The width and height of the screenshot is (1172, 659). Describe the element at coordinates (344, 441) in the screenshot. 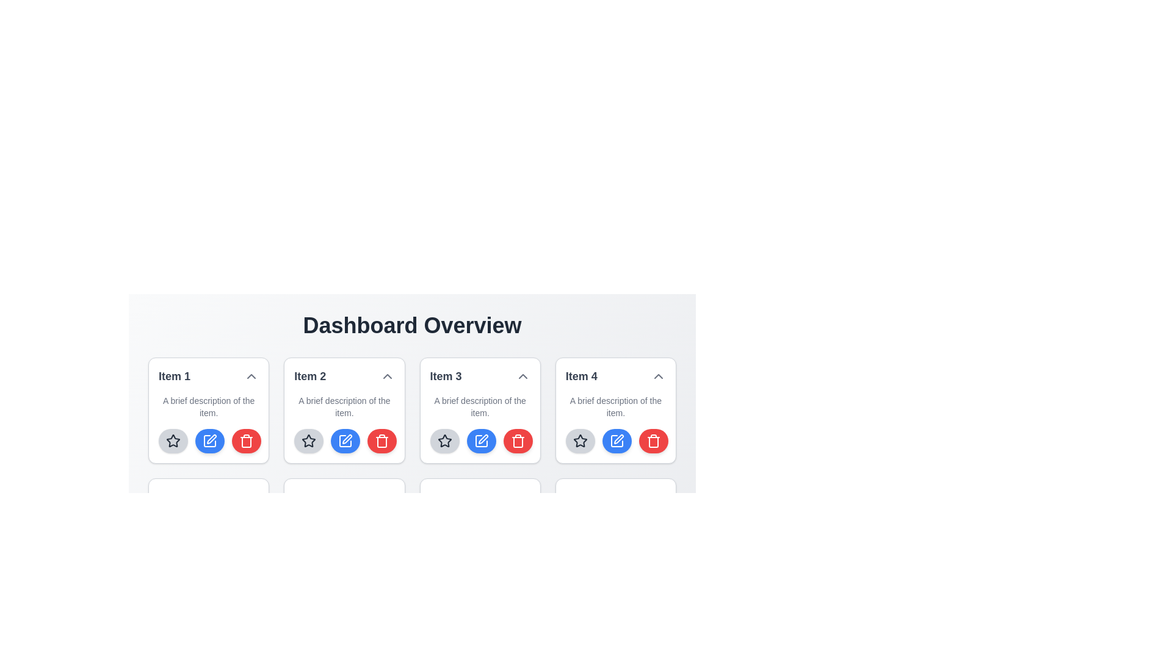

I see `the blue circular button with a white pen icon located in the 'Item 2' section, which is the second button in a row of three action buttons at the bottom` at that location.